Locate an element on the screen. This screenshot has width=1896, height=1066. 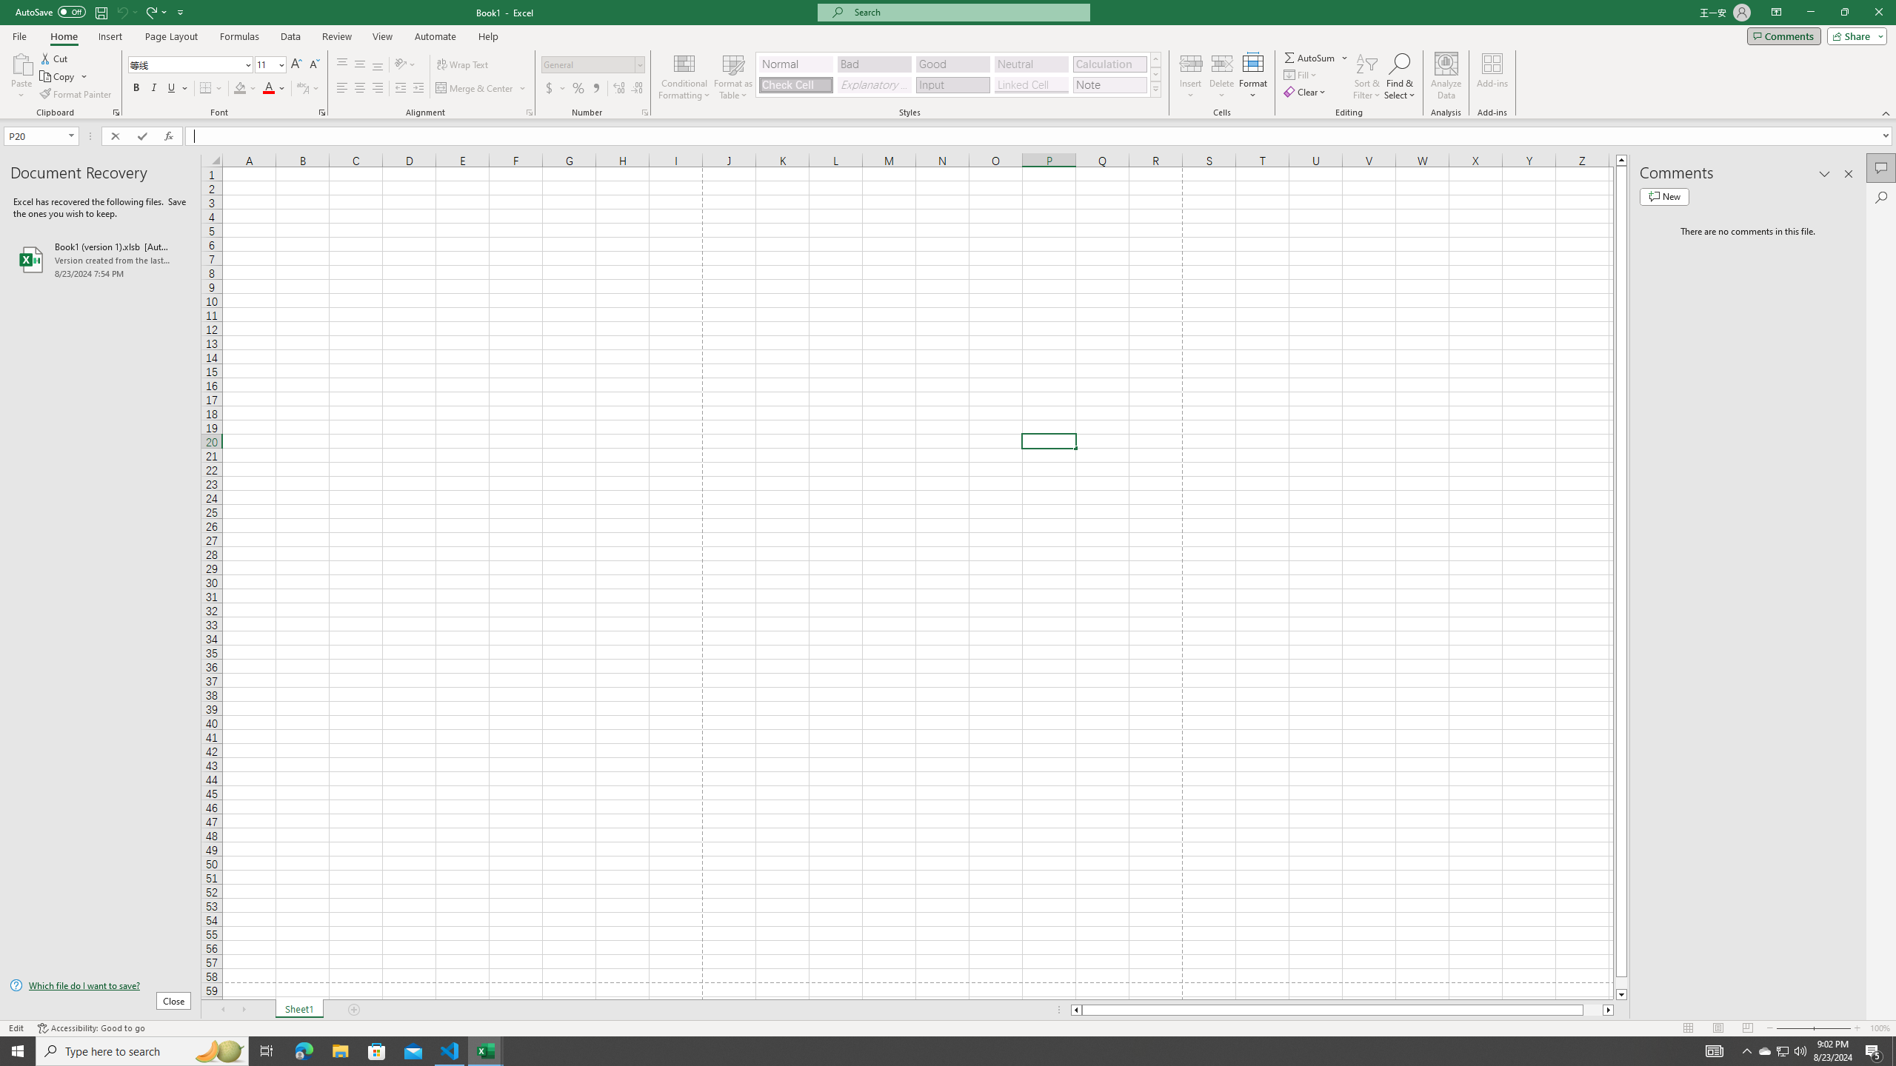
'Zoom In' is located at coordinates (1857, 1028).